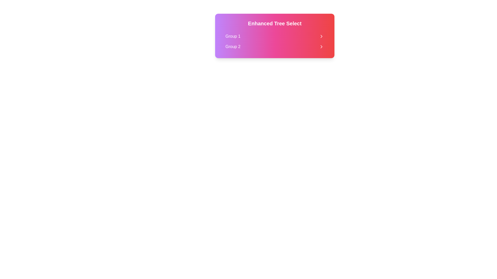  What do you see at coordinates (321, 47) in the screenshot?
I see `the chevron icon, which is a small triangle pointing right and located to the right of the 'Group 2' text in the menu box` at bounding box center [321, 47].